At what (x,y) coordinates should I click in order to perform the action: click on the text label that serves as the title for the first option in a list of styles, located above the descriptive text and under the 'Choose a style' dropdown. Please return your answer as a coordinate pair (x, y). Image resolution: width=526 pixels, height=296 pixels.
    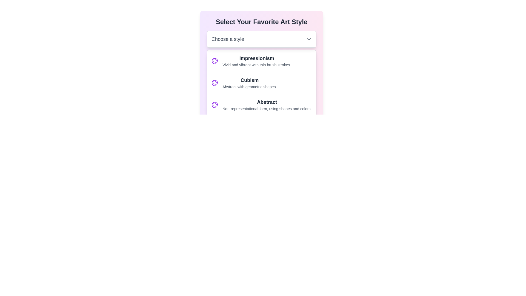
    Looking at the image, I should click on (256, 58).